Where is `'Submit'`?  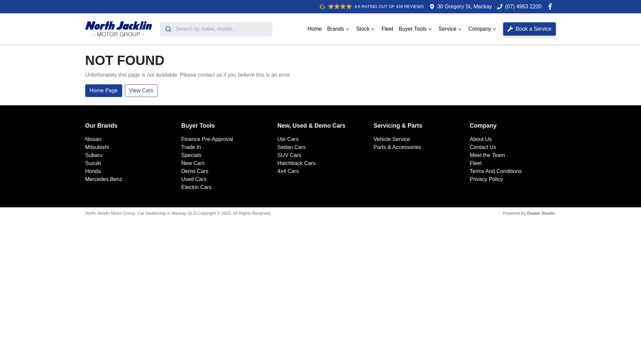 'Submit' is located at coordinates (168, 28).